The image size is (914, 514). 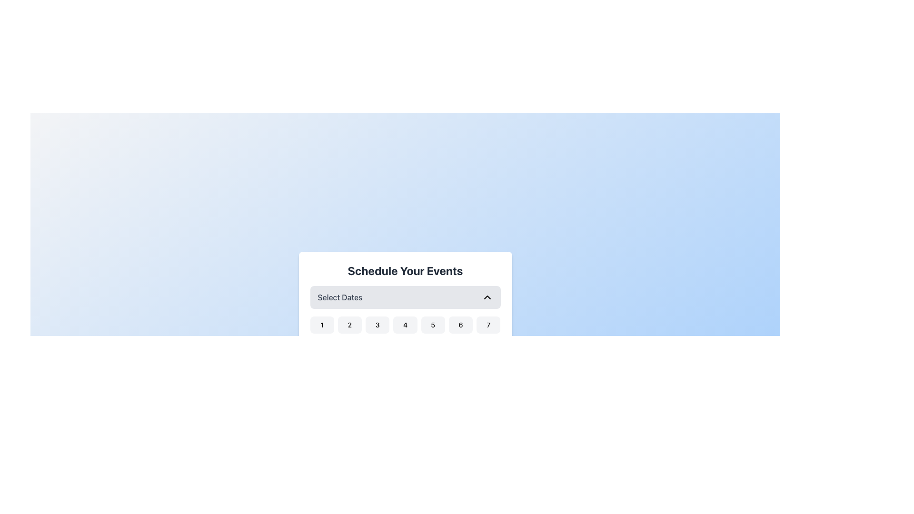 I want to click on the date selector button positioned below the 'Schedule Your Events' title, so click(x=405, y=297).